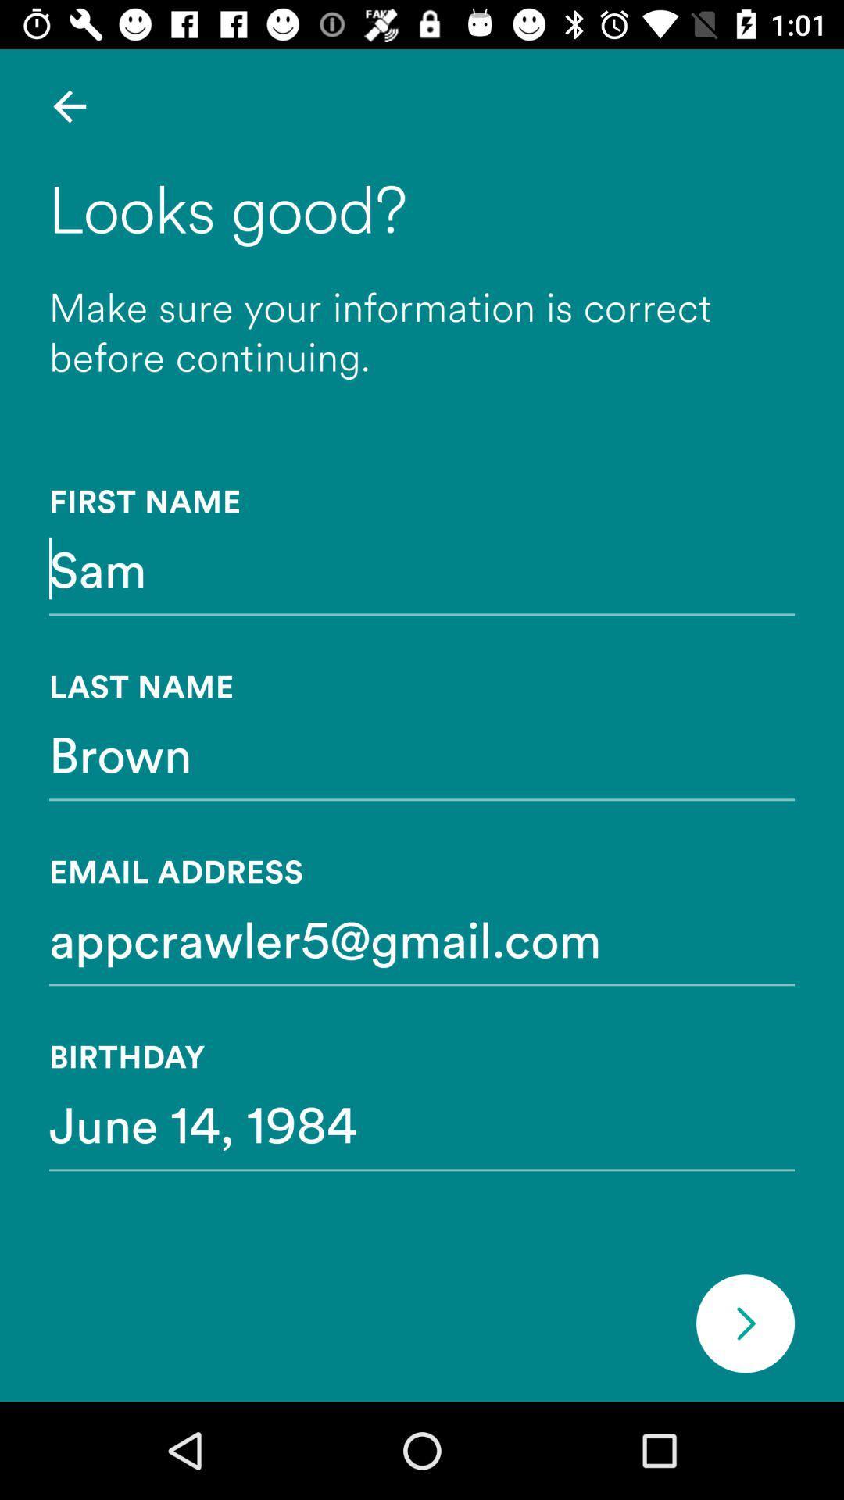 This screenshot has height=1500, width=844. I want to click on the icon below the first name icon, so click(422, 567).